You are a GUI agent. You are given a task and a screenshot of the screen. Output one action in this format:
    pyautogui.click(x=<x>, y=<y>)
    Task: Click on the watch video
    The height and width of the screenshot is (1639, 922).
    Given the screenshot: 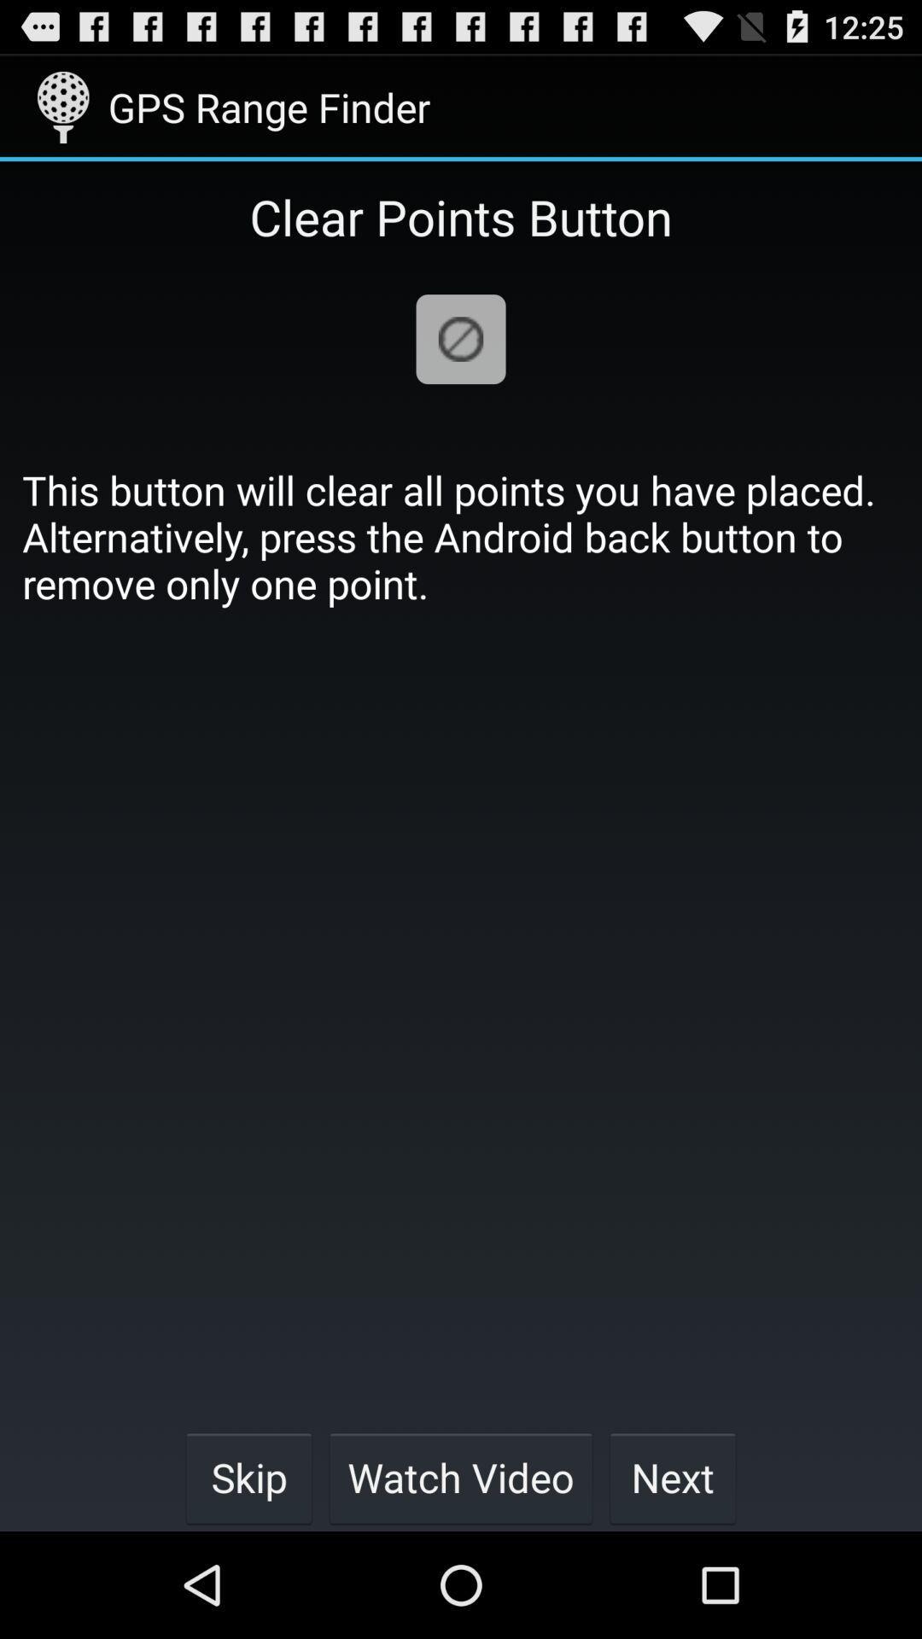 What is the action you would take?
    pyautogui.click(x=461, y=1477)
    